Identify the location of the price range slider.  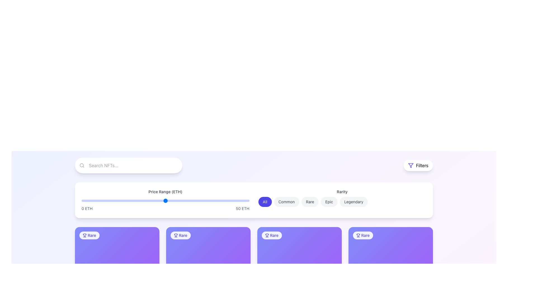
(224, 200).